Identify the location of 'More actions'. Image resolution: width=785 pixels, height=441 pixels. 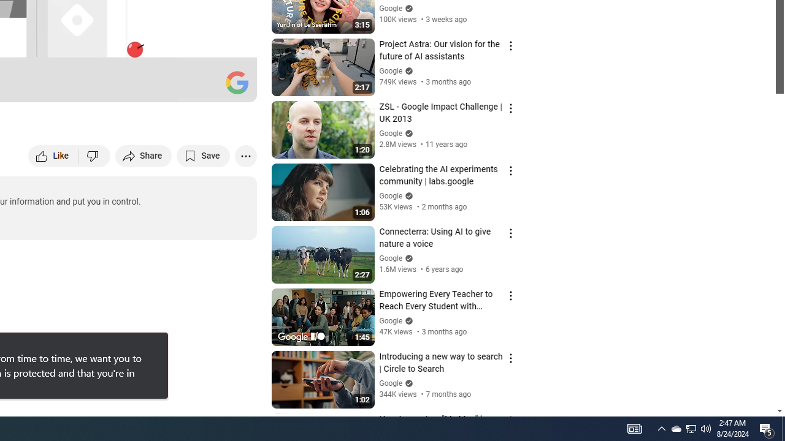
(245, 155).